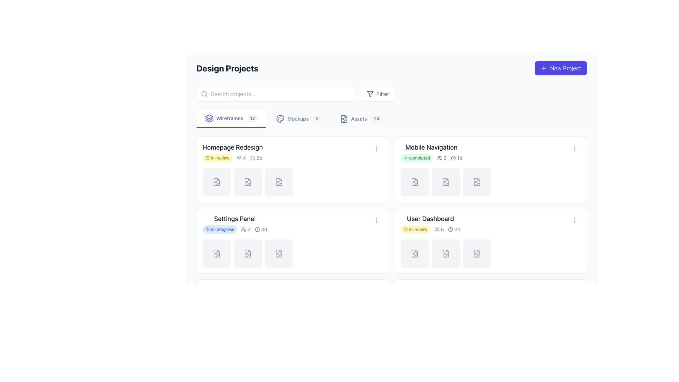 The width and height of the screenshot is (679, 382). Describe the element at coordinates (217, 158) in the screenshot. I see `status text of the 'in-review' badge located in the header area of the 'Homepage Redesign' project card in the 'Design Projects' section` at that location.